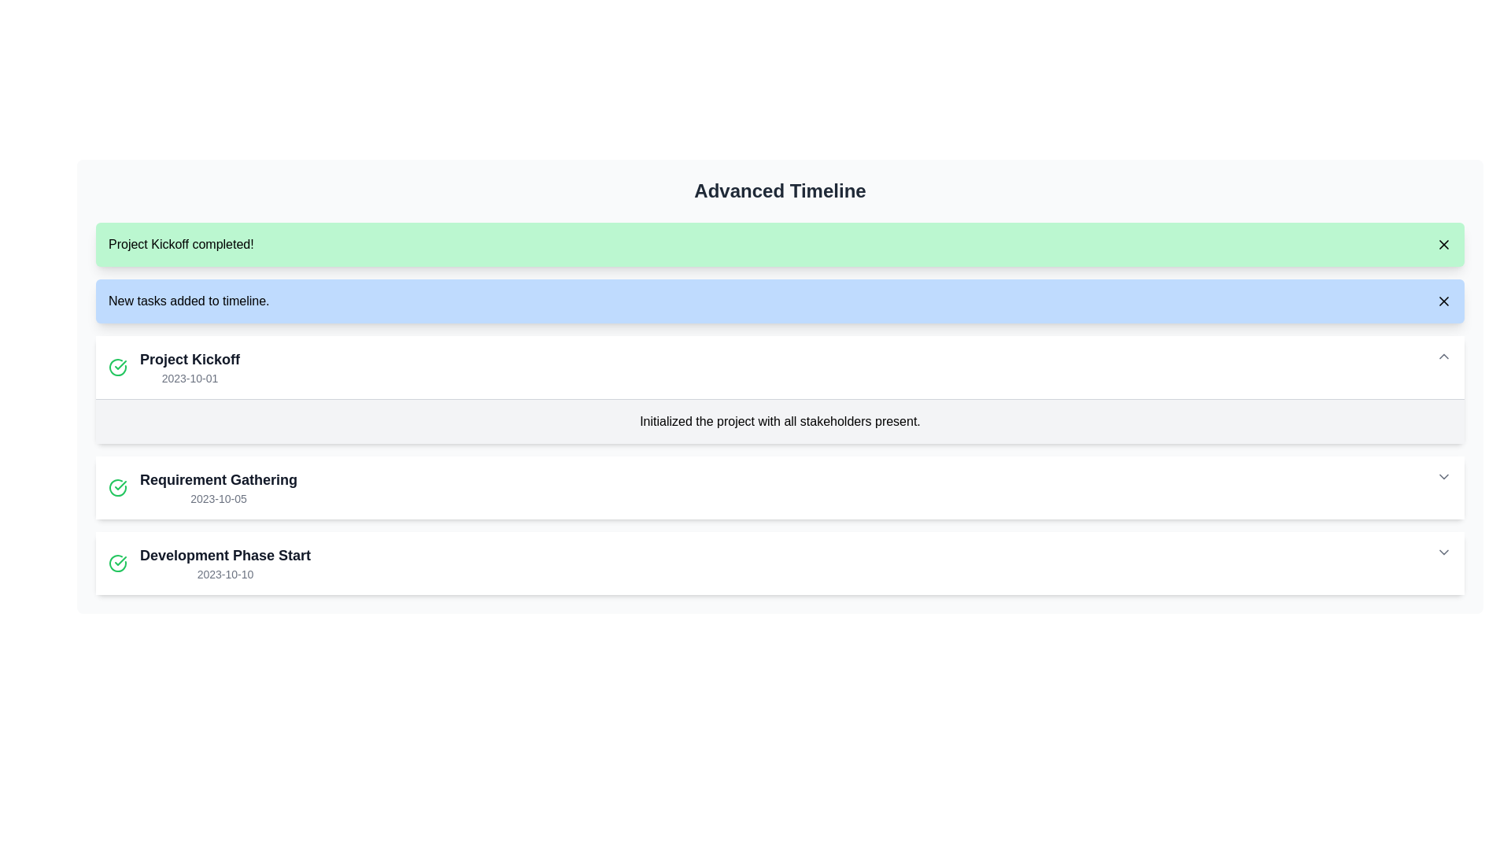  Describe the element at coordinates (1443, 245) in the screenshot. I see `the 'X' icon located at the top-right corner of the green notification banner` at that location.